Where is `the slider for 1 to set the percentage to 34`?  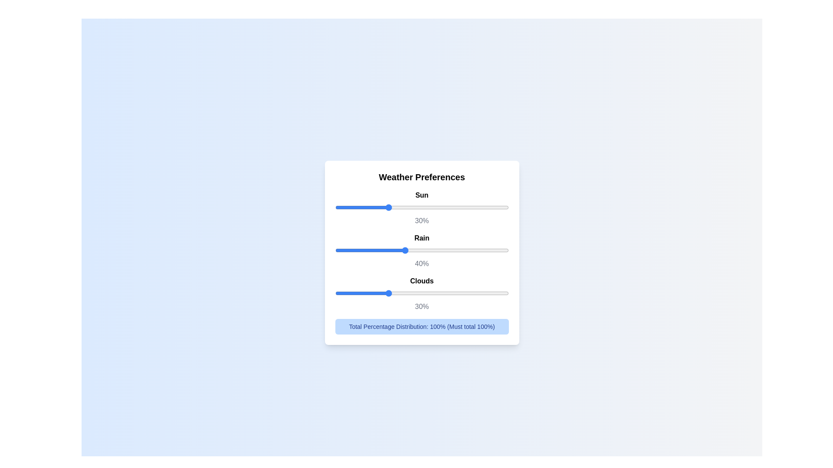
the slider for 1 to set the percentage to 34 is located at coordinates (480, 250).